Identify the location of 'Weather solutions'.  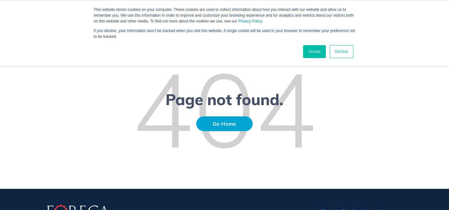
(233, 18).